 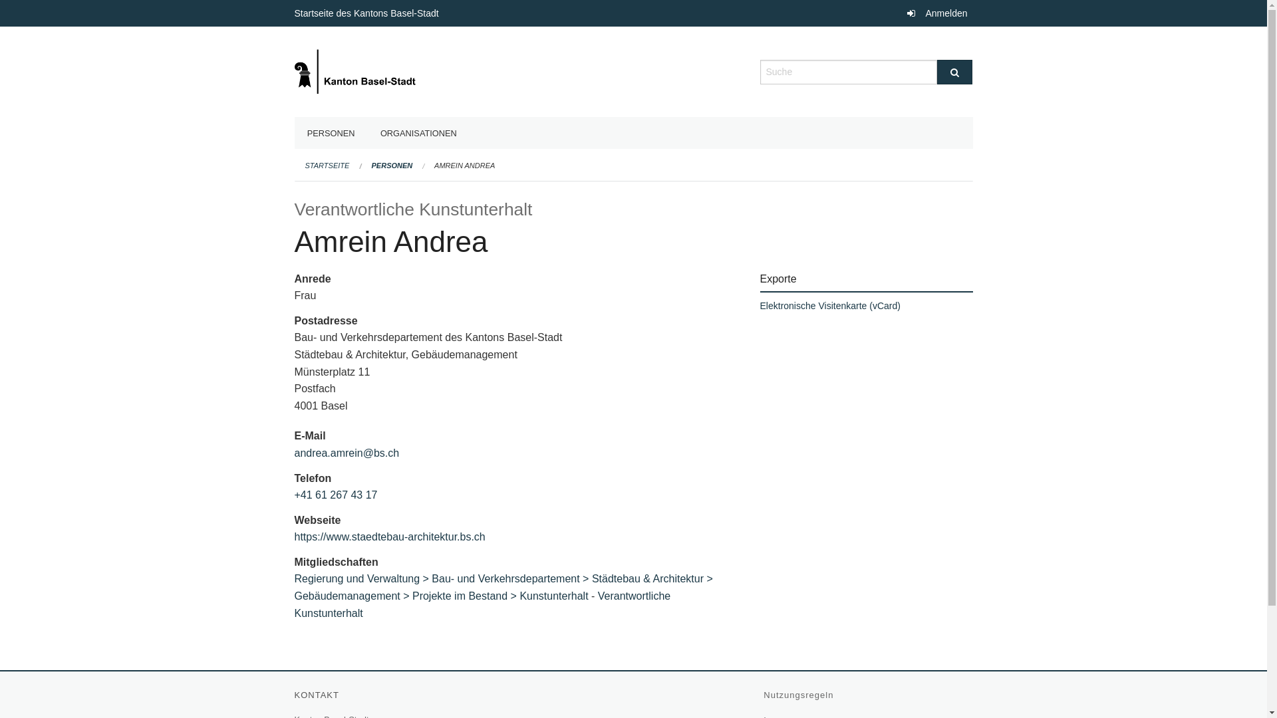 I want to click on 'AMREIN ANDREA', so click(x=464, y=165).